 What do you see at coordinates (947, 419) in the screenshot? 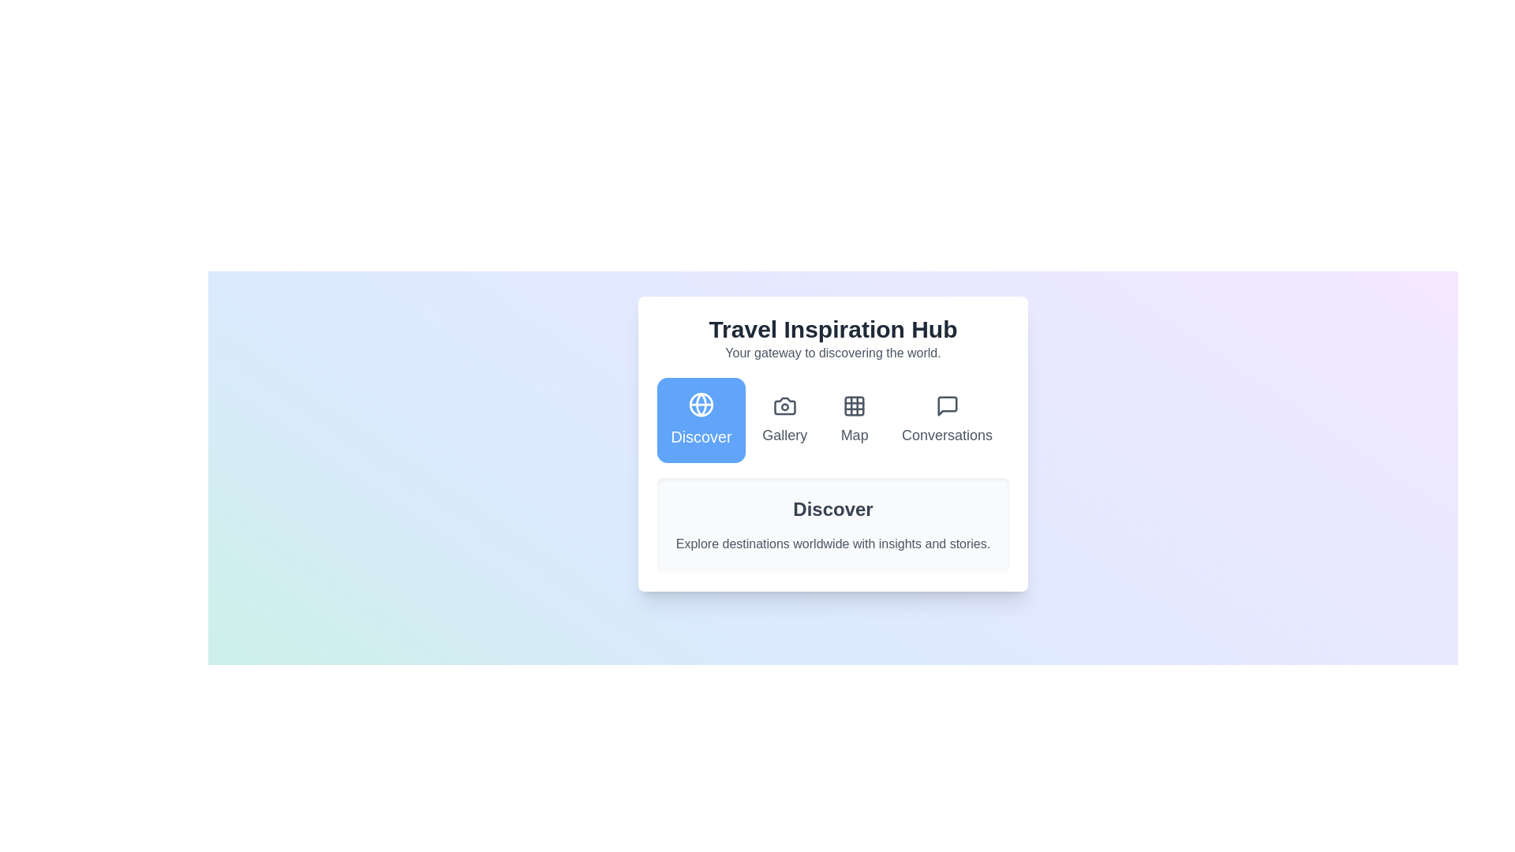
I see `the 'Conversations' button, which is a vertically-aligned button with a speech bubble icon and gray text that turns blue on hover, located under the 'Travel Inspiration Hub'` at bounding box center [947, 419].